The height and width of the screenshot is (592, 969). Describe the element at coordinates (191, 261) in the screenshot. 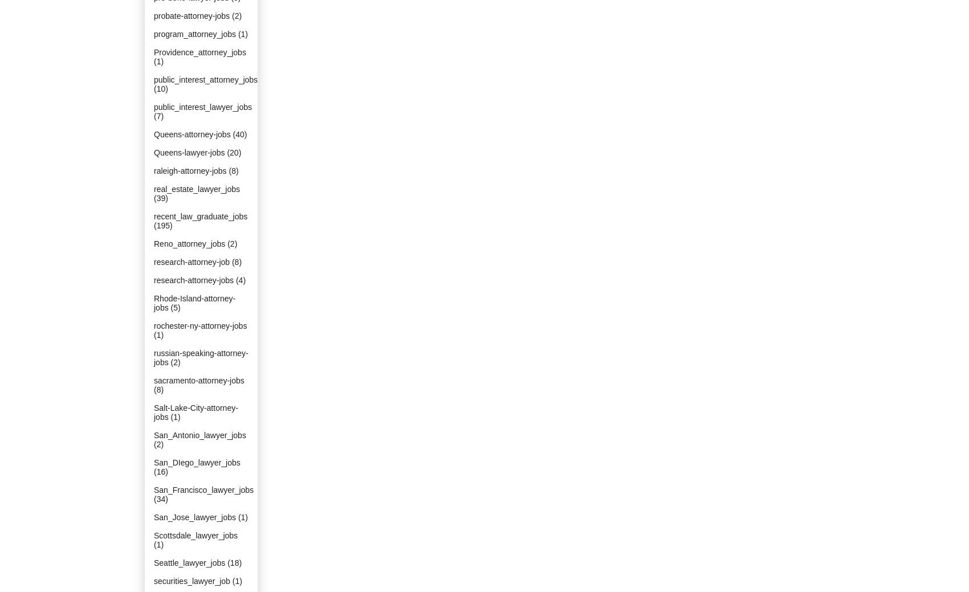

I see `'research-attorney-job'` at that location.